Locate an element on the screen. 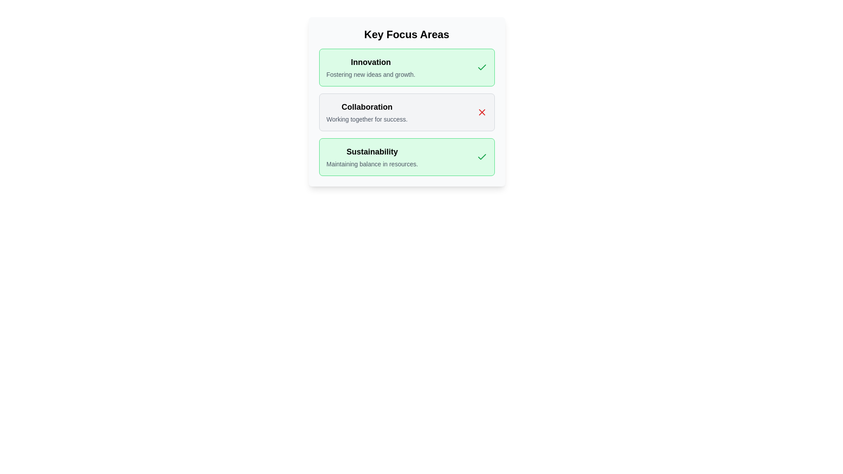 This screenshot has height=474, width=843. the chip labeled Innovation is located at coordinates (406, 67).